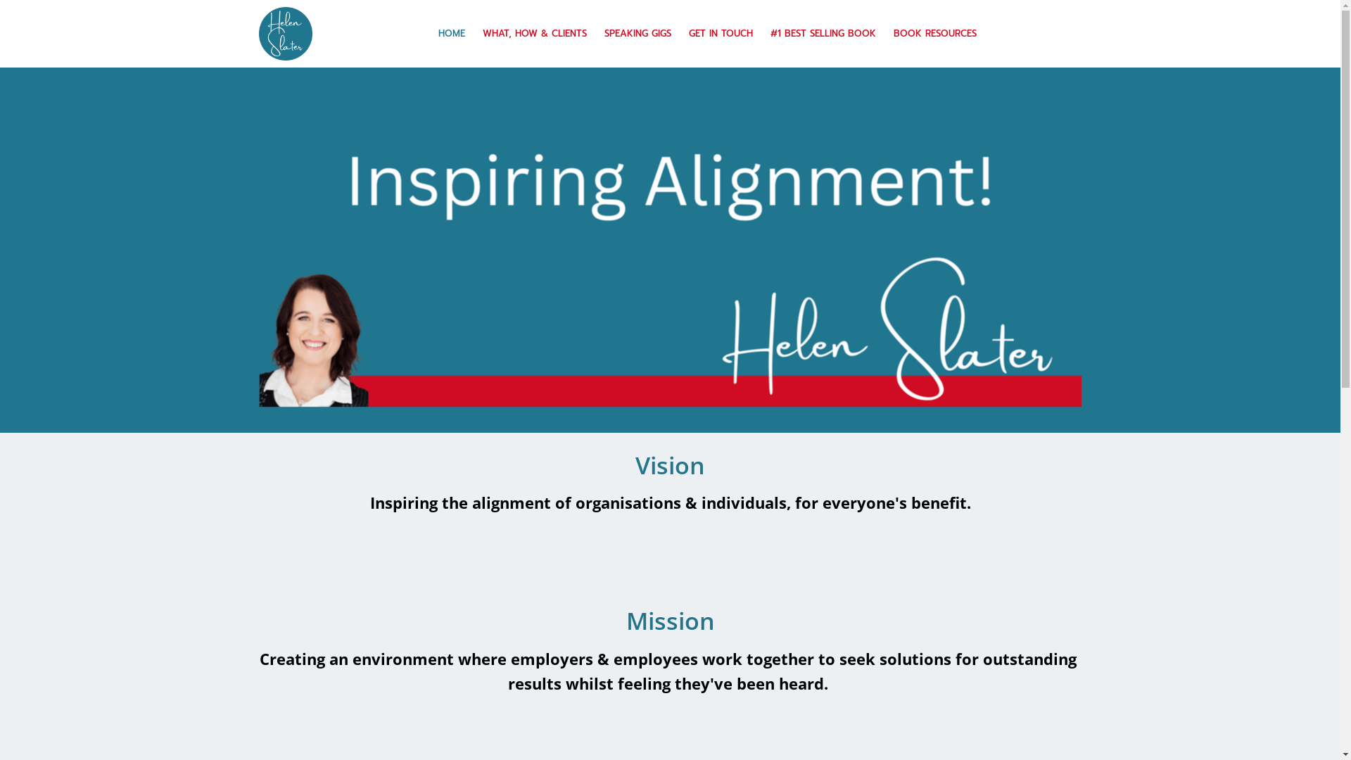 This screenshot has width=1351, height=760. What do you see at coordinates (934, 32) in the screenshot?
I see `'BOOK RESOURCES'` at bounding box center [934, 32].